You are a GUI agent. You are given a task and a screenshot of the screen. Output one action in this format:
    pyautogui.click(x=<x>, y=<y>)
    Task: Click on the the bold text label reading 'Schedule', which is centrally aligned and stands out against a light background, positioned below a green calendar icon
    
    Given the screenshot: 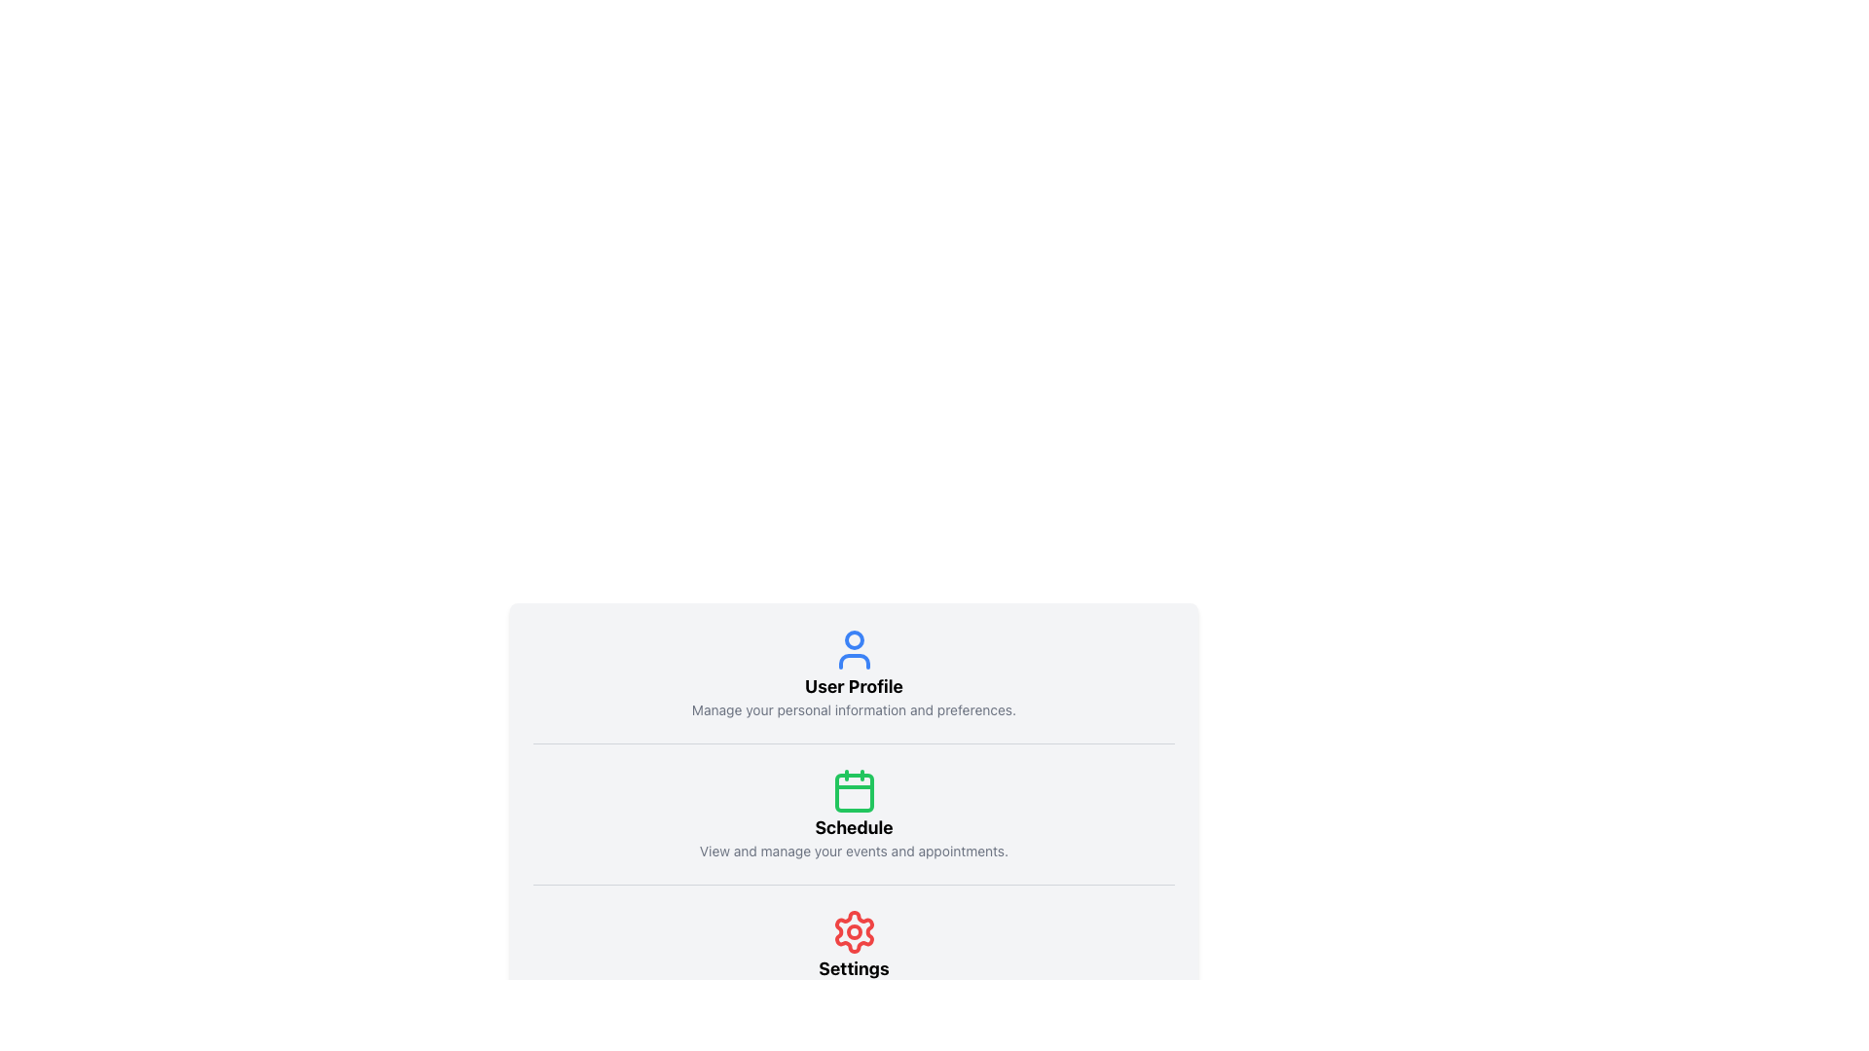 What is the action you would take?
    pyautogui.click(x=854, y=828)
    